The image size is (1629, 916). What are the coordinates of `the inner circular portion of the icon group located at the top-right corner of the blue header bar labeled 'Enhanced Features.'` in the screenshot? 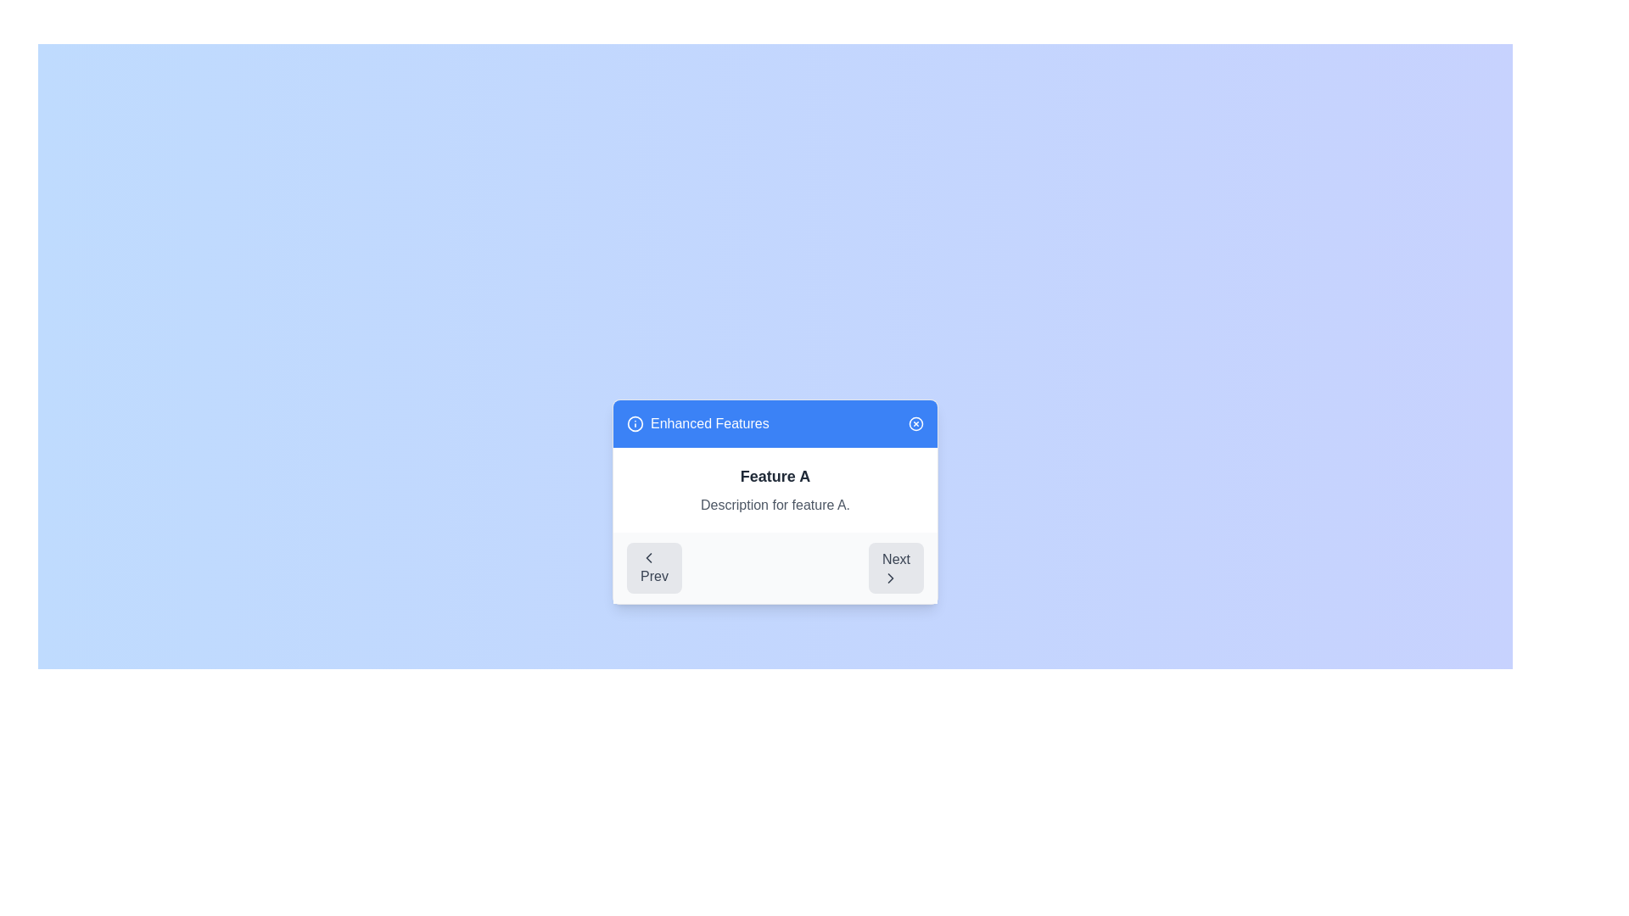 It's located at (915, 423).